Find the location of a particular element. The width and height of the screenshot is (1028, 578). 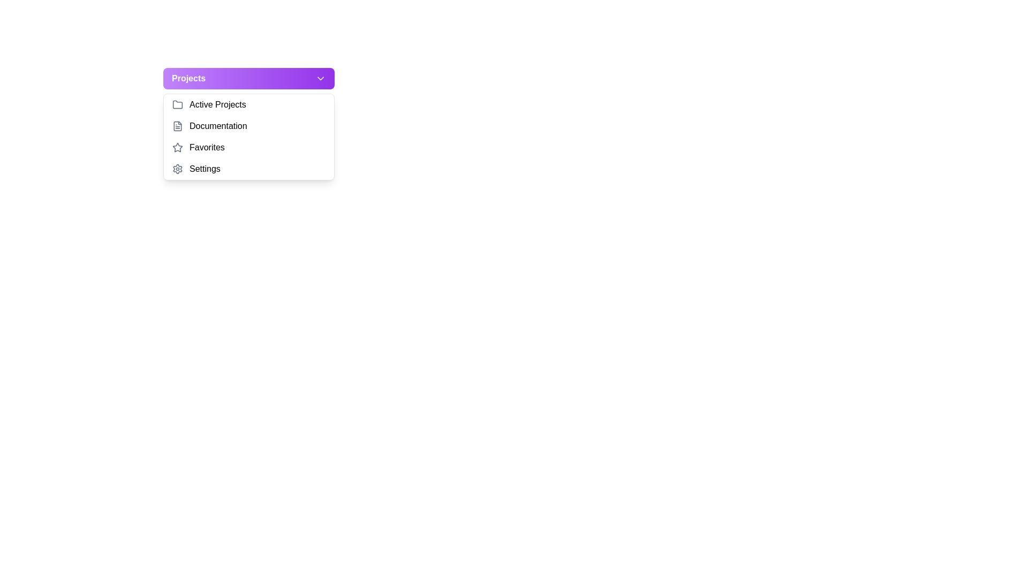

the 'Documentation' menu item, which is the second item in the vertical list of the dropdown menu labeled 'Projects' is located at coordinates (248, 125).